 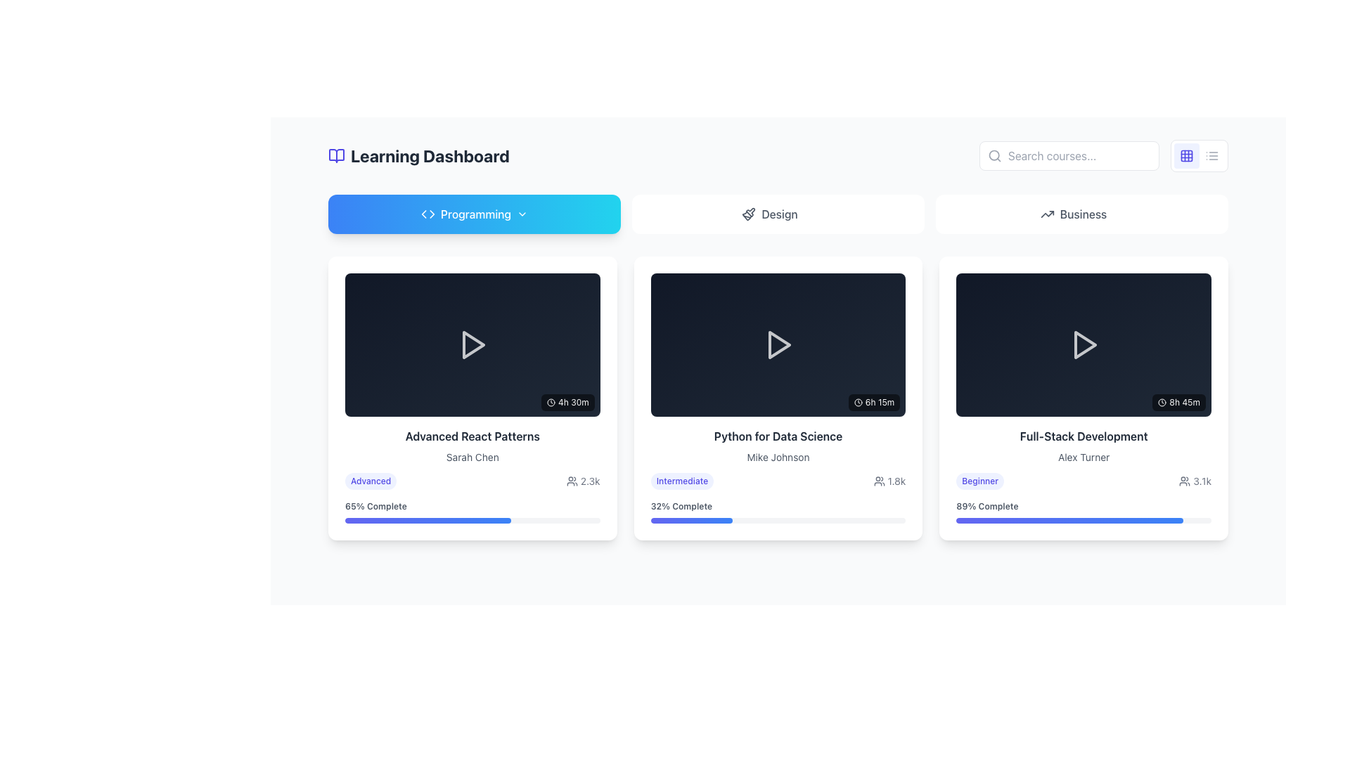 I want to click on the icon representing the duration of the course located to the left of the text '4h 30m' in the bottom part of the card labeled 'Advanced React Patterns', so click(x=550, y=402).